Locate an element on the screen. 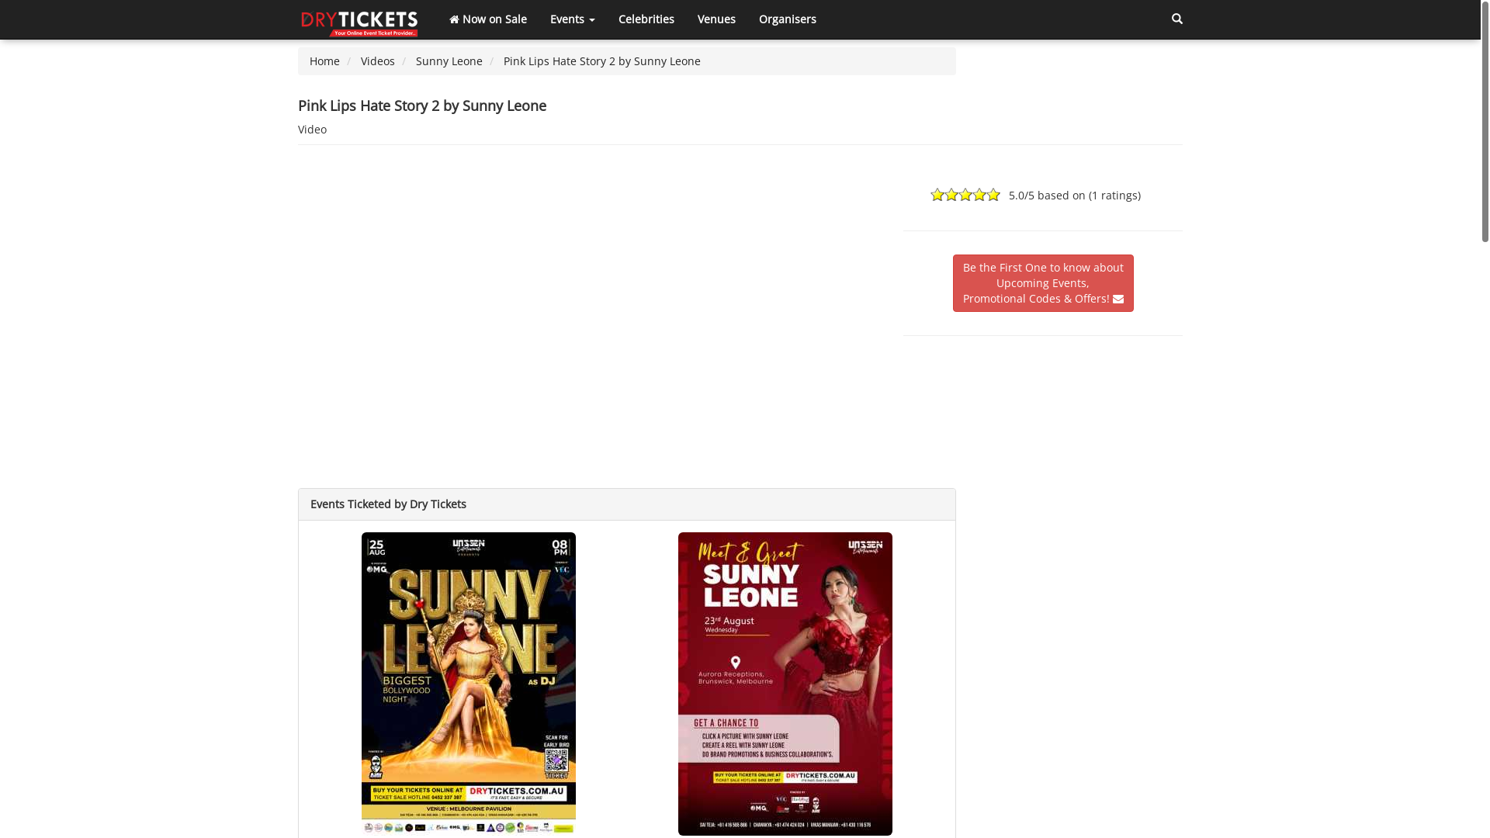  'Sunny Leone' is located at coordinates (449, 60).